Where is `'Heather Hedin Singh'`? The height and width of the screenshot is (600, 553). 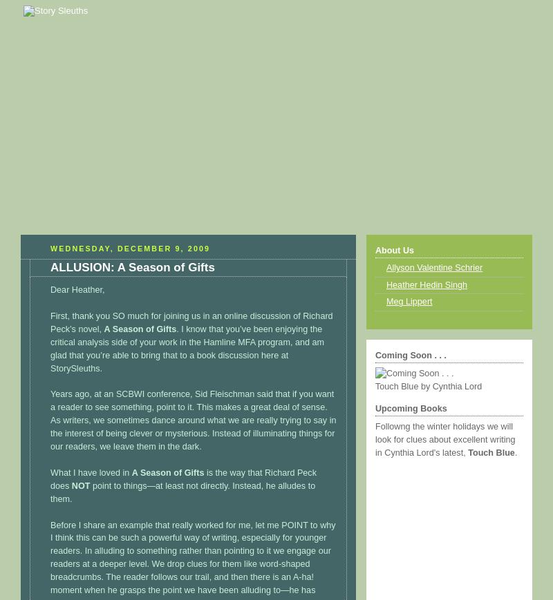
'Heather Hedin Singh' is located at coordinates (427, 283).